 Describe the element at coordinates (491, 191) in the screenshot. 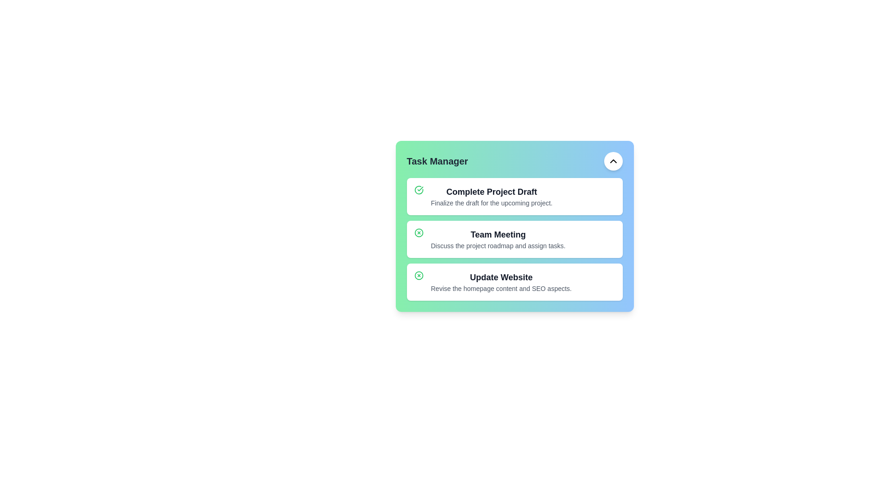

I see `the text of the task titled 'Complete Project Draft'` at that location.